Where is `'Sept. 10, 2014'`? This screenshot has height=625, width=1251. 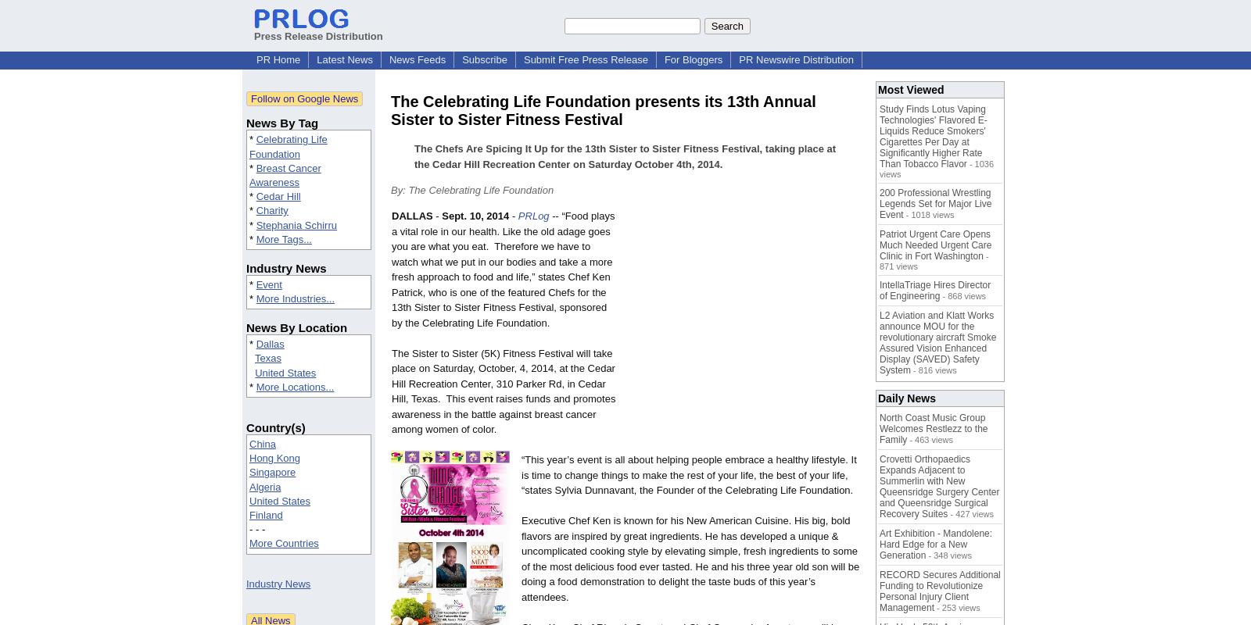
'Sept. 10, 2014' is located at coordinates (475, 216).